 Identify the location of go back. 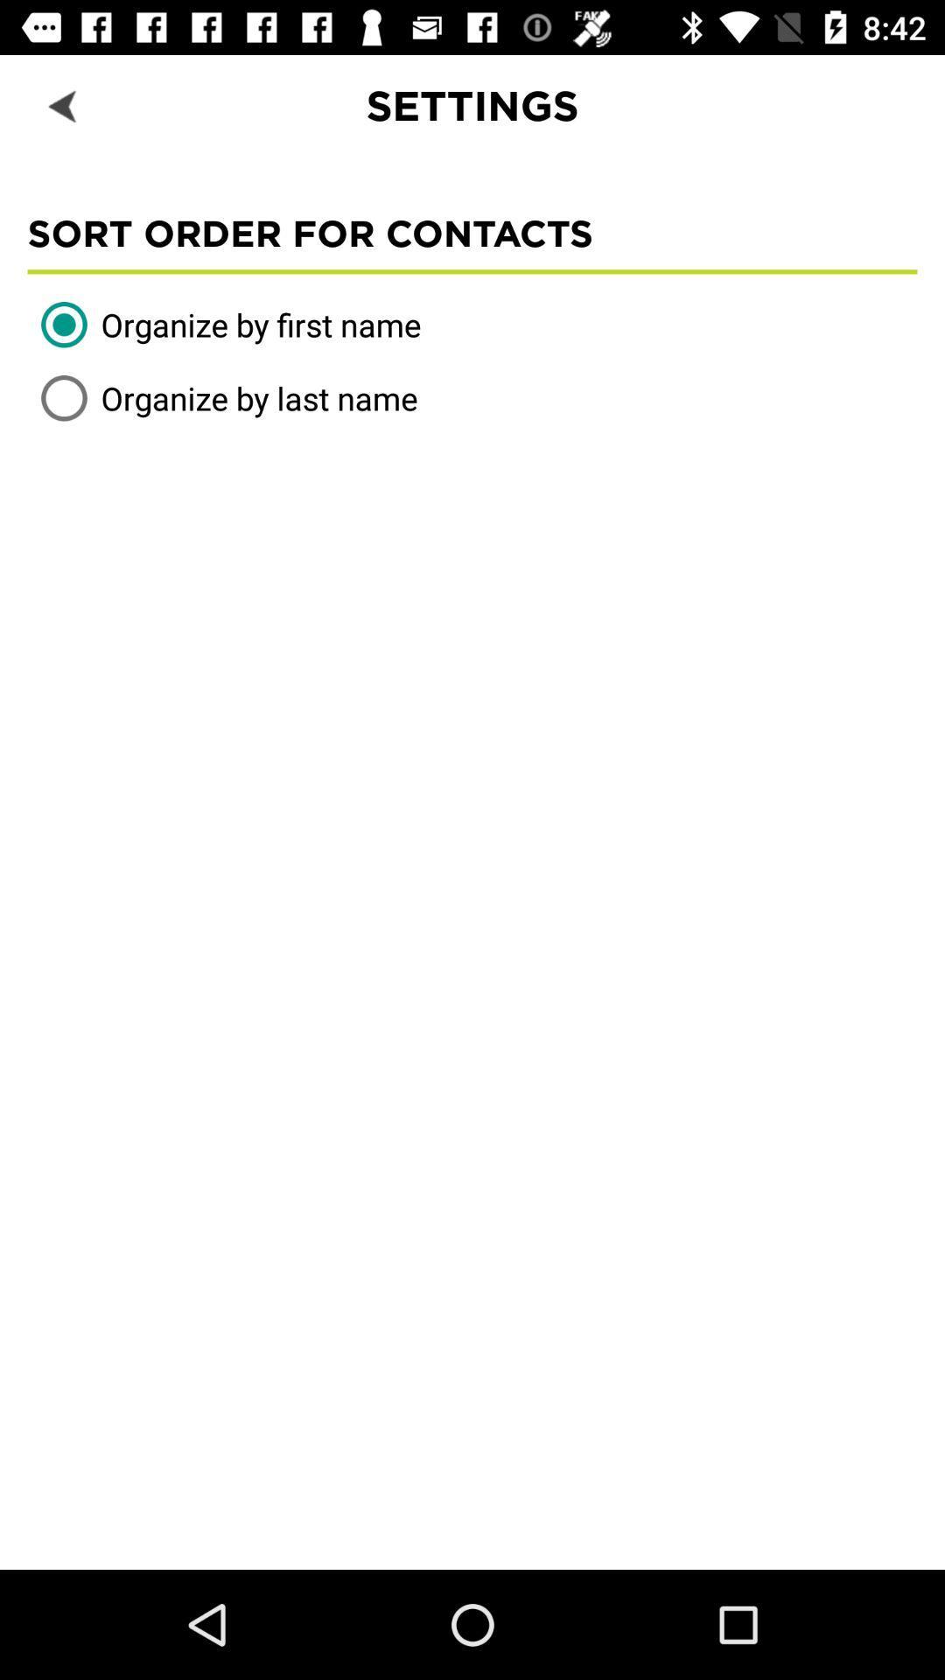
(63, 104).